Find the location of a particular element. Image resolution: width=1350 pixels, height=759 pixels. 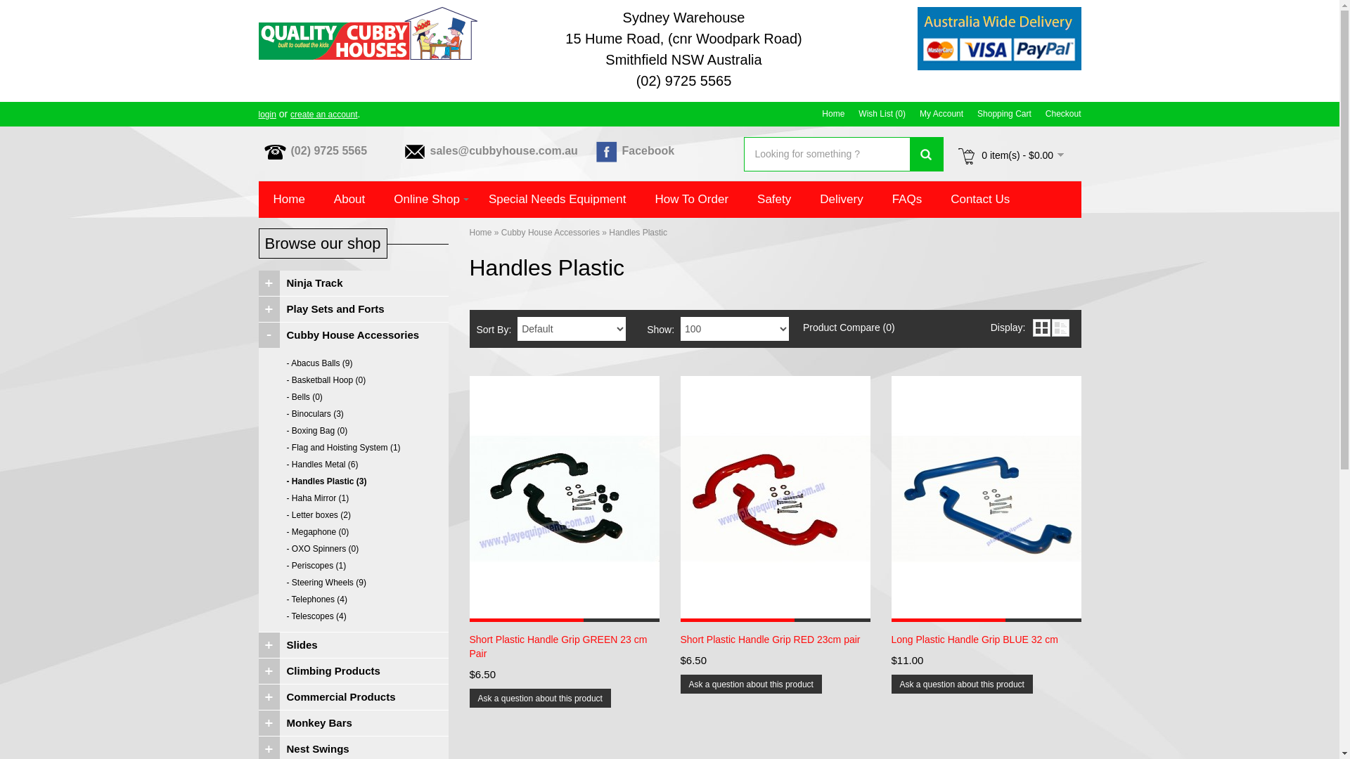

'Short Plastic Handle Grip RED 23cm pair' is located at coordinates (775, 498).